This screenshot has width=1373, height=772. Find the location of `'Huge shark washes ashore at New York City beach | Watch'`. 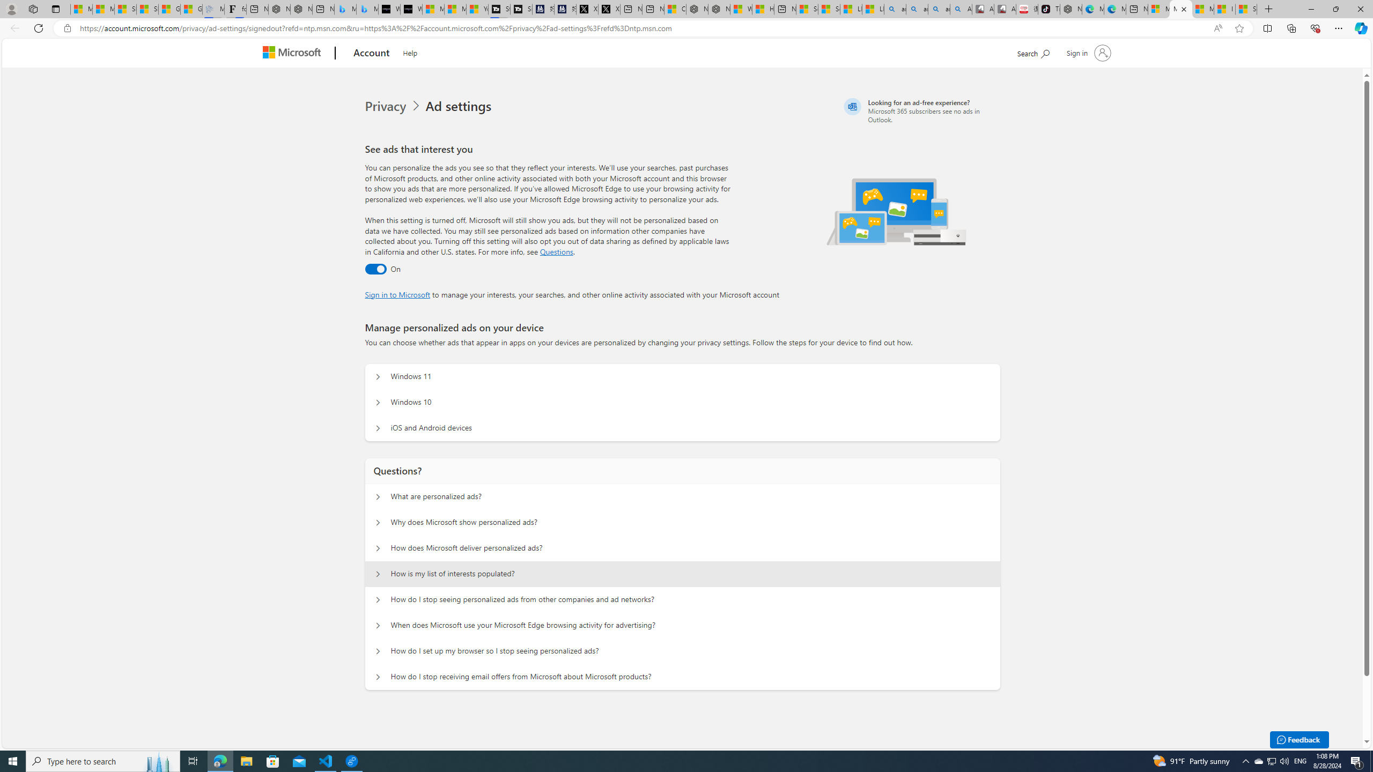

'Huge shark washes ashore at New York City beach | Watch' is located at coordinates (763, 9).